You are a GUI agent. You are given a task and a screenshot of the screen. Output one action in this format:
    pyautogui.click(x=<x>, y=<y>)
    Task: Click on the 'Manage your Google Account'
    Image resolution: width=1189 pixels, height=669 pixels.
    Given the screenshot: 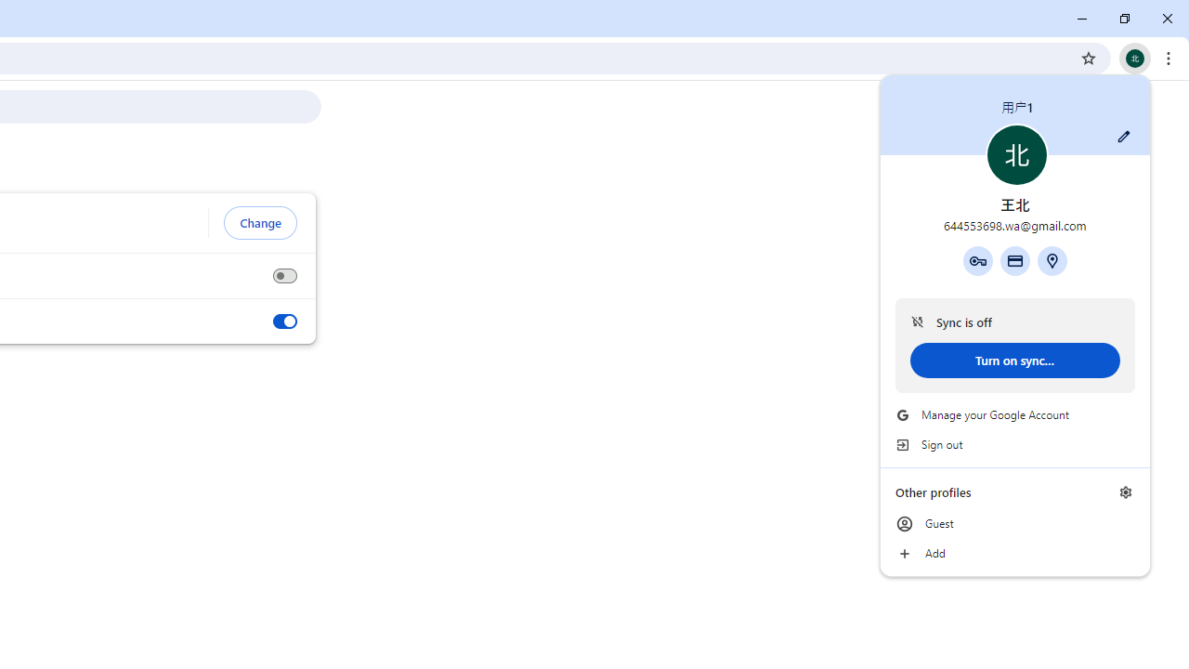 What is the action you would take?
    pyautogui.click(x=1014, y=414)
    